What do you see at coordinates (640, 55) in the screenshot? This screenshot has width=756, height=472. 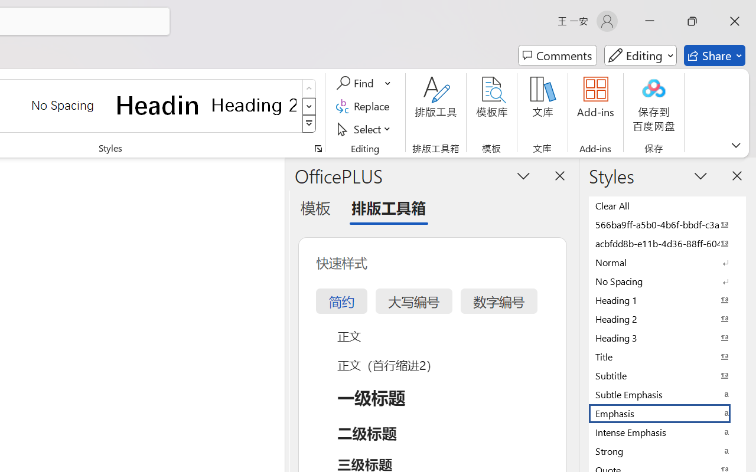 I see `'Mode'` at bounding box center [640, 55].